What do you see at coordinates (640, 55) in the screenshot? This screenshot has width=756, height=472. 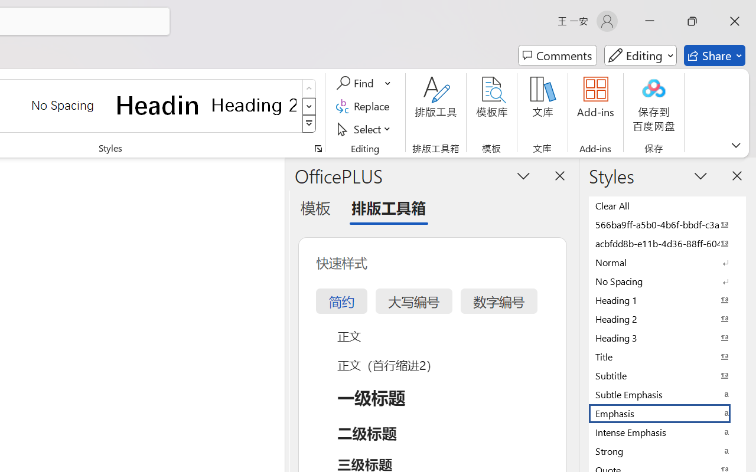 I see `'Mode'` at bounding box center [640, 55].